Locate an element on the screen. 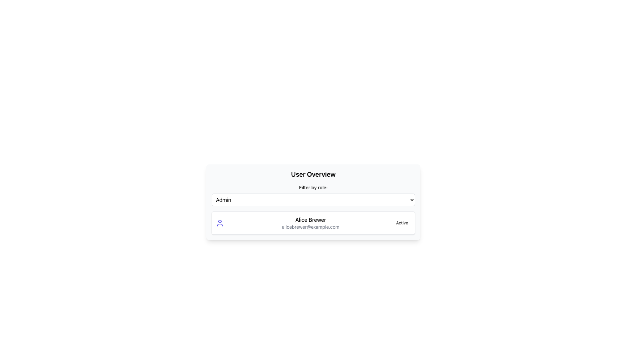 The height and width of the screenshot is (358, 637). the bold text label displaying the name 'Alice Brewer' located at the top of the user card section within the User Overview panel is located at coordinates (310, 220).